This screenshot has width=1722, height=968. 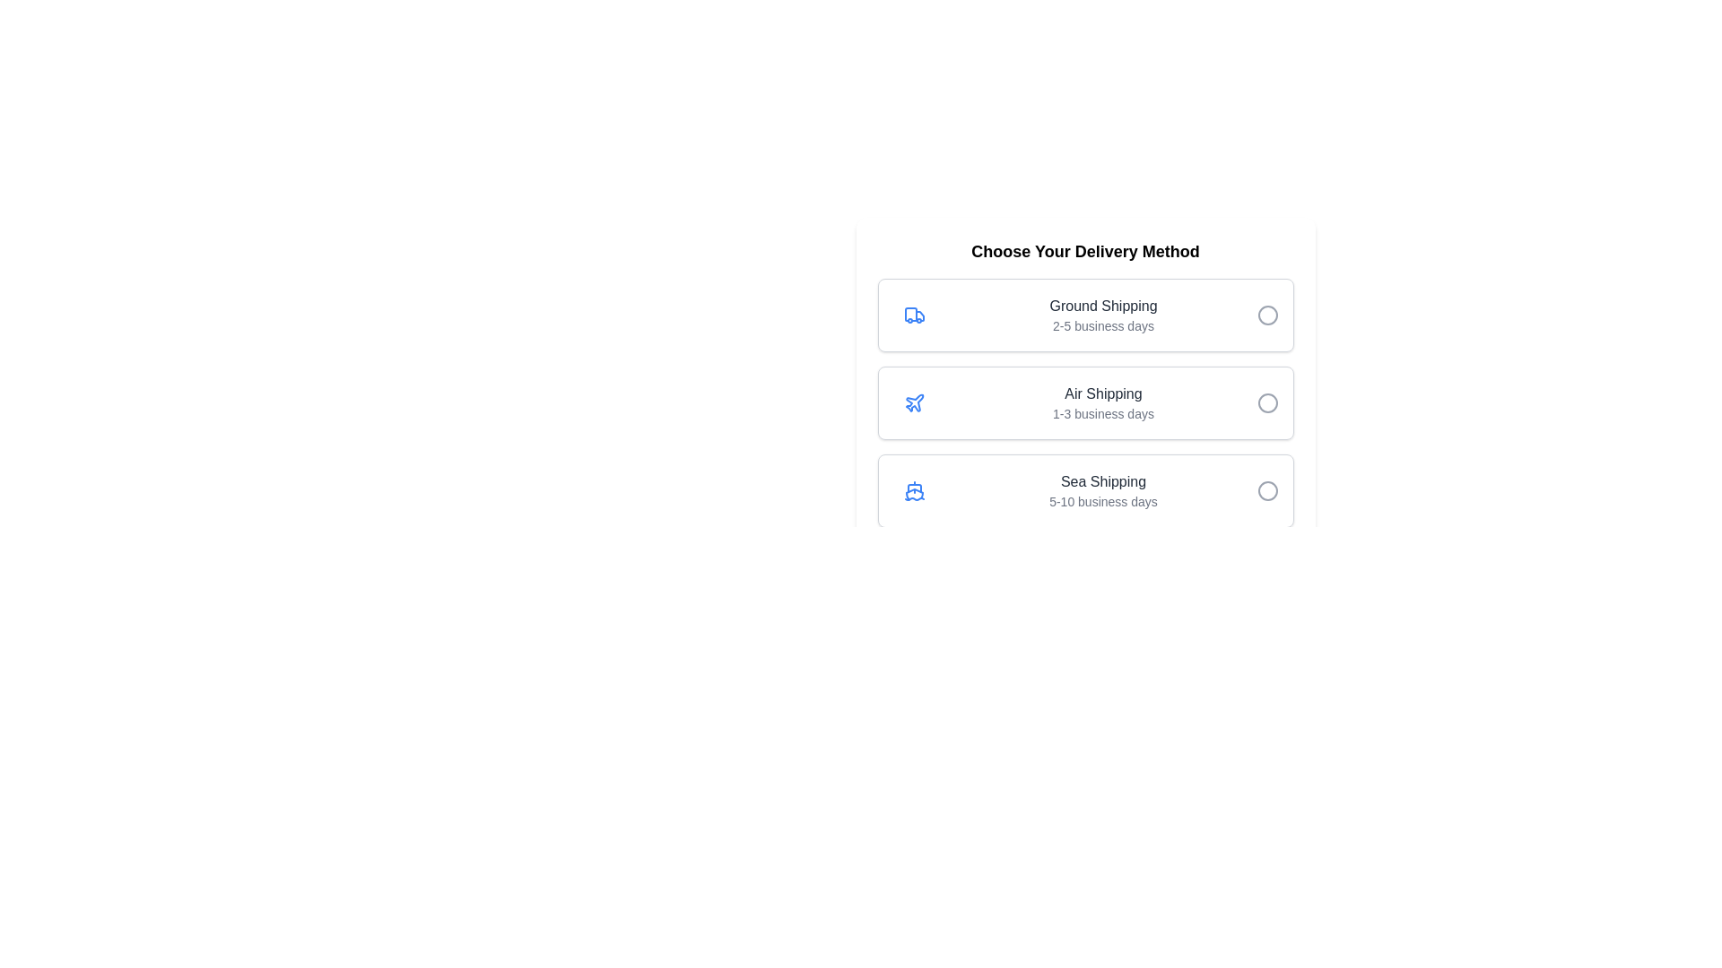 What do you see at coordinates (914, 494) in the screenshot?
I see `the 'Sea Shipping' icon, which is a stylized boat-shaped graphic located at the lower right corner of the icon group` at bounding box center [914, 494].